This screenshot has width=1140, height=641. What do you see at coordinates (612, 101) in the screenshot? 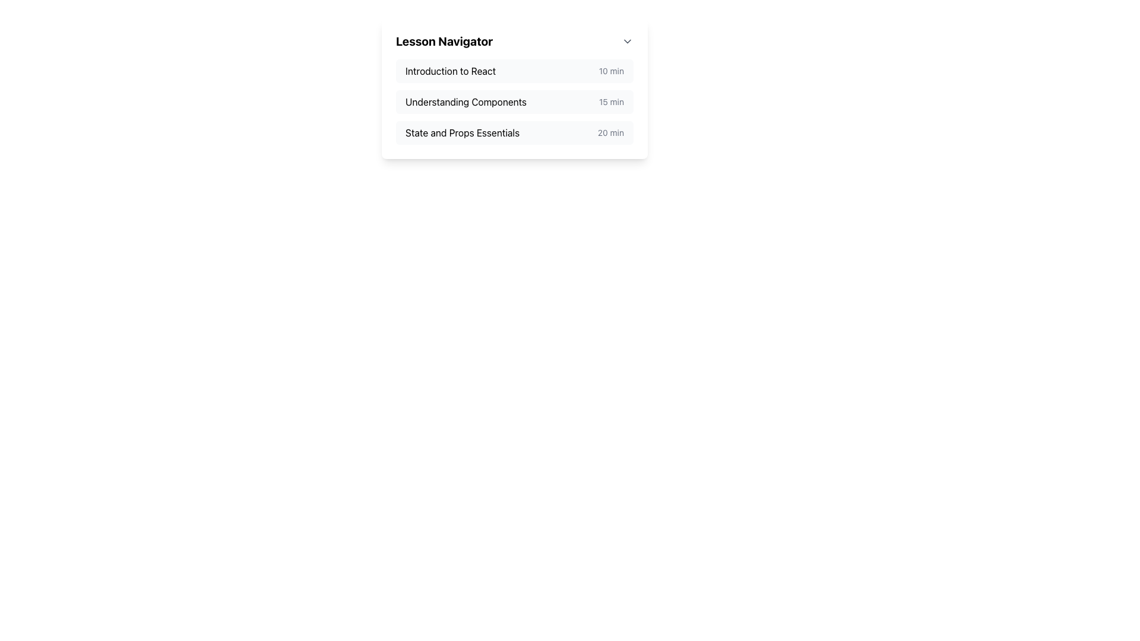
I see `the text label that indicates the duration of the lesson in the lesson navigation list, which is positioned to the right of 'Understanding Components'` at bounding box center [612, 101].